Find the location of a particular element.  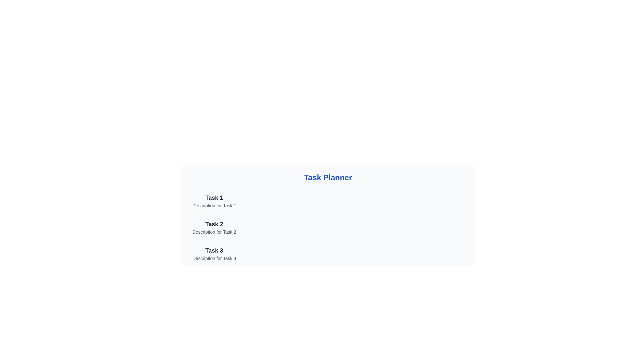

the Text Display element that shows the title 'Task 1' and description 'Description for Task 1', located under 'Task Planner' is located at coordinates (214, 201).